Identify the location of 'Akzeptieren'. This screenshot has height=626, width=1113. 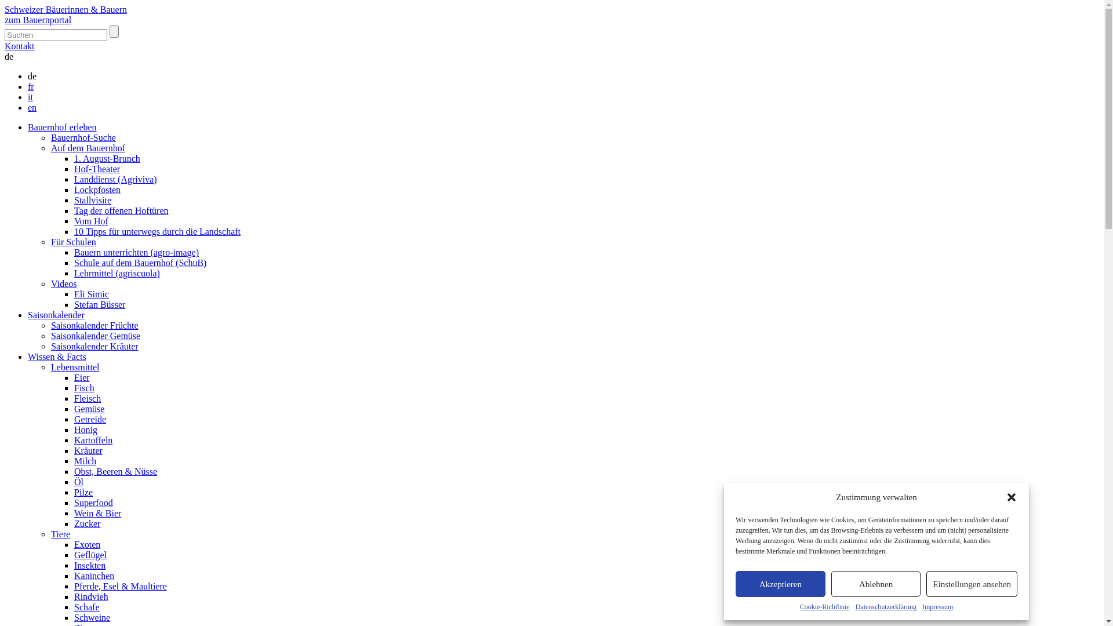
(780, 584).